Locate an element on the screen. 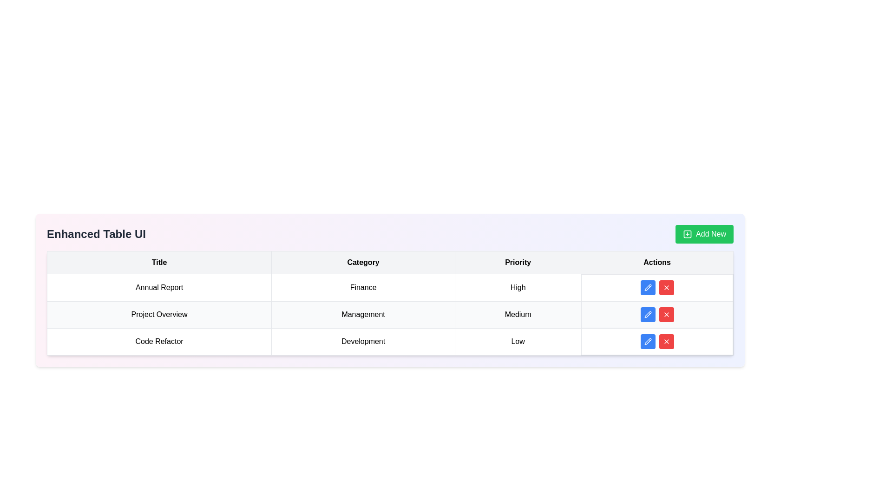 The height and width of the screenshot is (502, 892). the 'Low' priority level text label located in the third row of the table, positioned between the 'Development' label and the 'Actions' section is located at coordinates (518, 342).